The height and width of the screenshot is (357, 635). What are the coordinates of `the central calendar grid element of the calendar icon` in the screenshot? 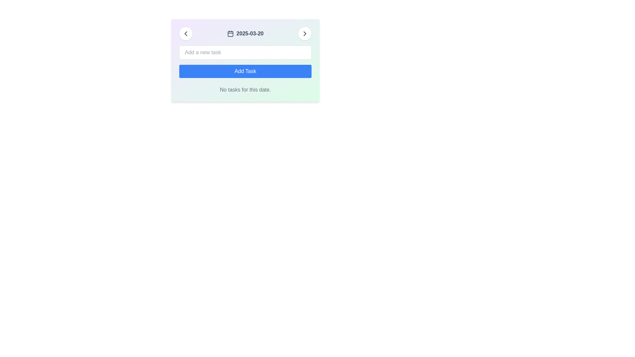 It's located at (231, 34).